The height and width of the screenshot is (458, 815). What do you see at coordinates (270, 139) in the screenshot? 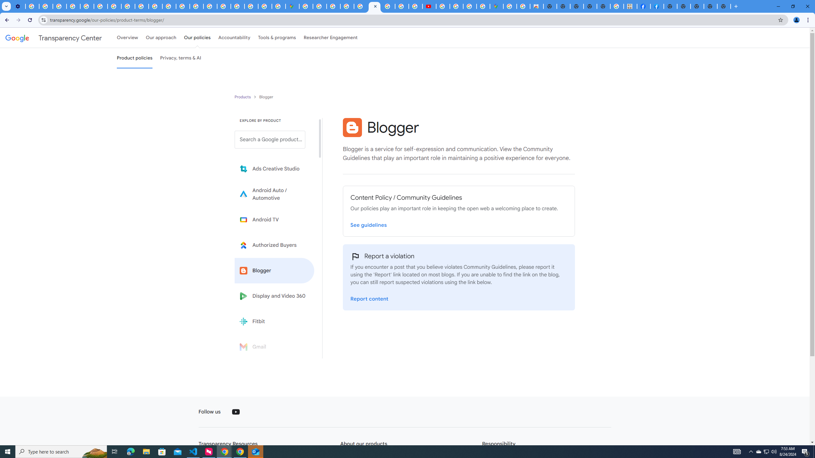
I see `'Search a Google product from below list.'` at bounding box center [270, 139].